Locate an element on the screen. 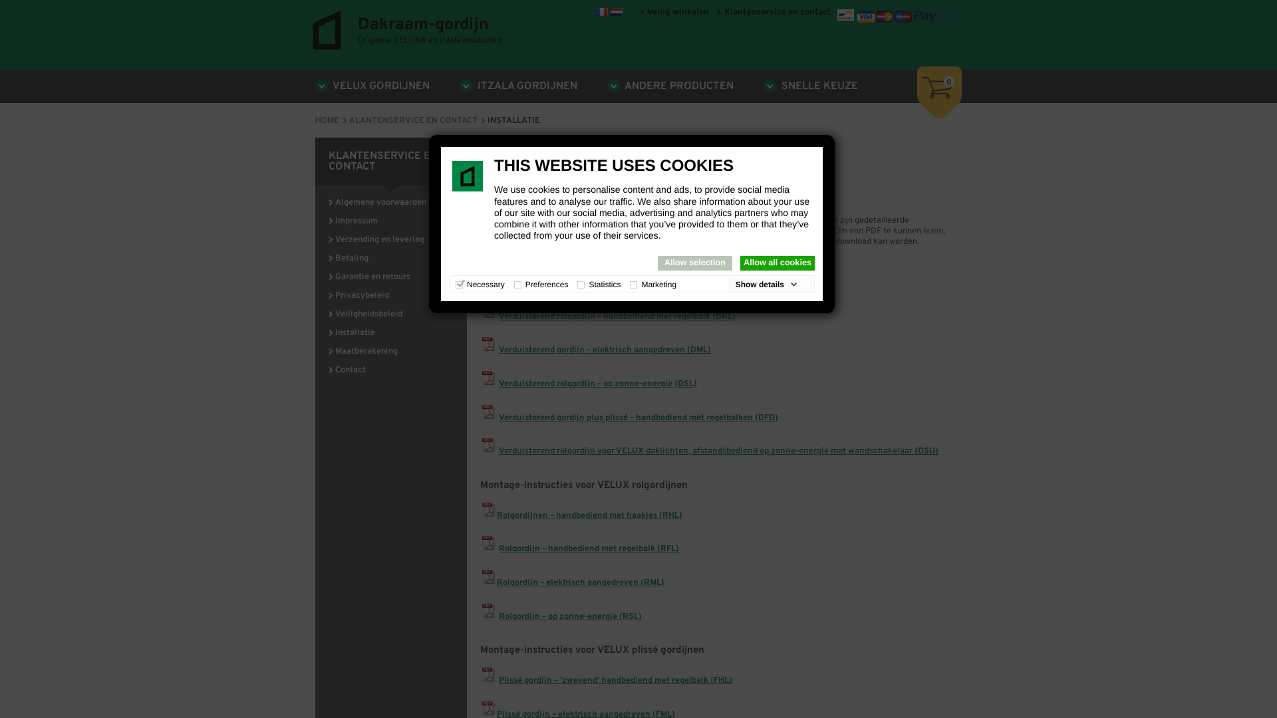 This screenshot has width=1277, height=718. 'Veilig winkelen' is located at coordinates (674, 12).